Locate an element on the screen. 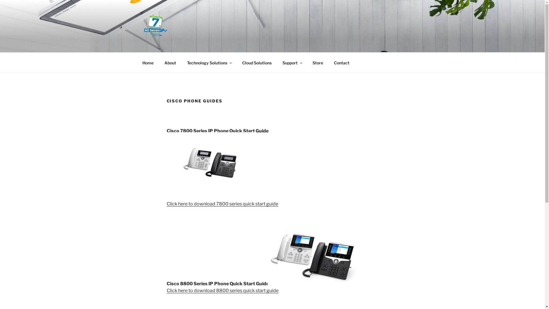 This screenshot has width=549, height=309. 'Cloud Solutions' is located at coordinates (237, 62).